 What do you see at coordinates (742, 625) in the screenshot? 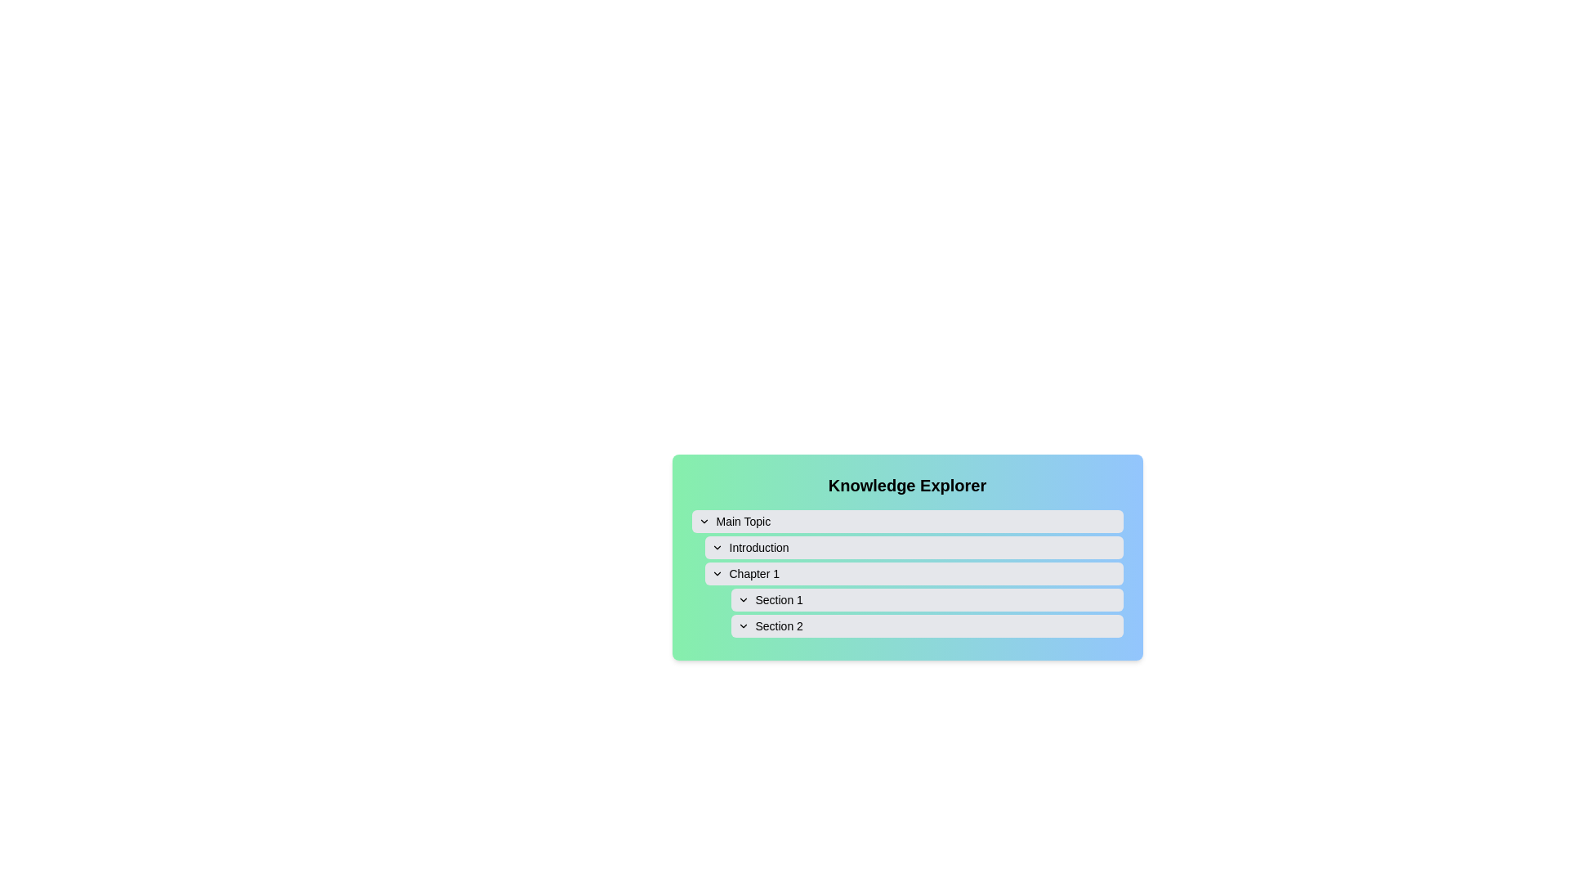
I see `the Dropdown toggle icon located to the left of the 'Section 2' label to provide visual feedback` at bounding box center [742, 625].